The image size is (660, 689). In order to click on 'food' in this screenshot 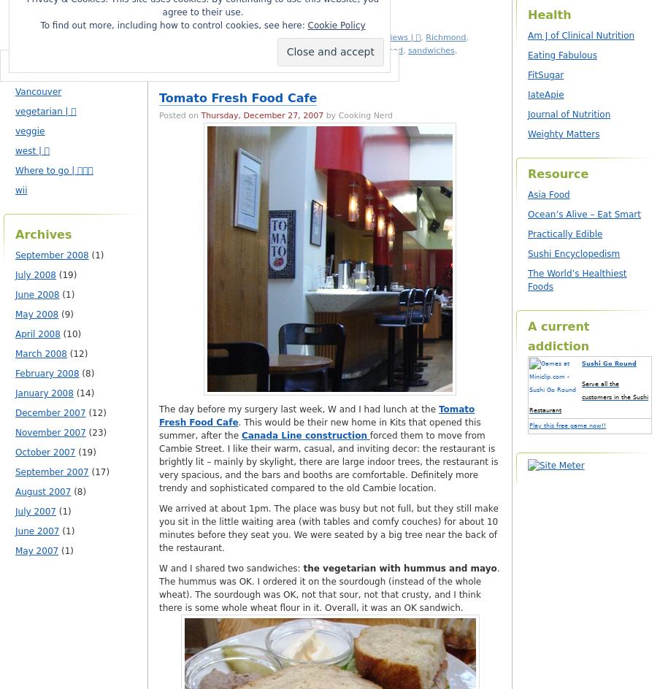, I will do `click(393, 50)`.